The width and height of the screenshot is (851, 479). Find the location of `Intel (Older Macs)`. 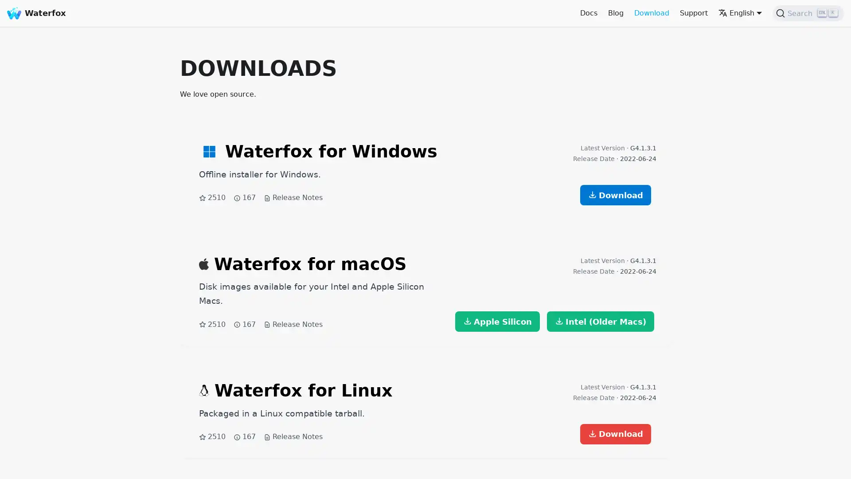

Intel (Older Macs) is located at coordinates (600, 322).